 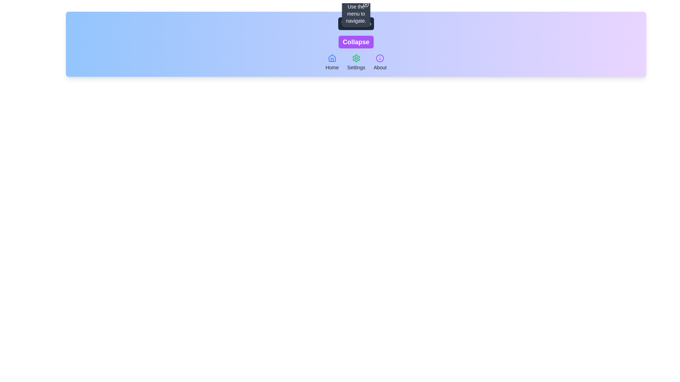 What do you see at coordinates (380, 58) in the screenshot?
I see `the SVG circle element that serves as the background for the information icon in the 'About' section of the navigation bar` at bounding box center [380, 58].